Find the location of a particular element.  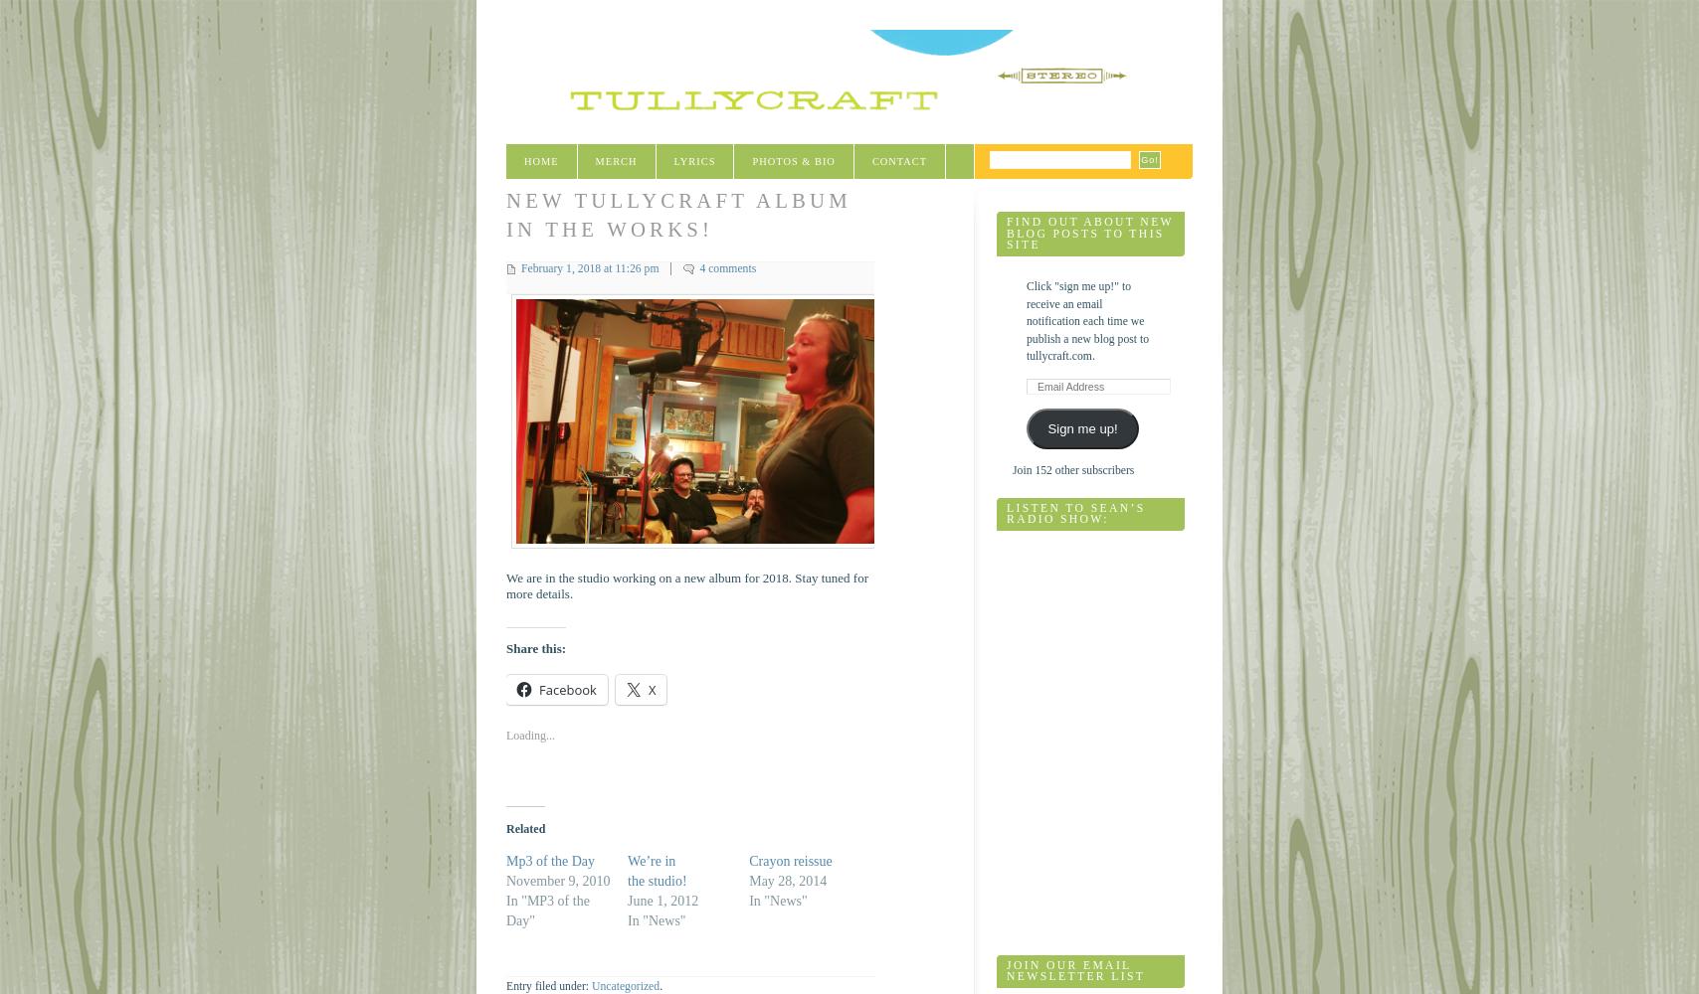

'Find out about new blog posts to this site' is located at coordinates (1089, 233).